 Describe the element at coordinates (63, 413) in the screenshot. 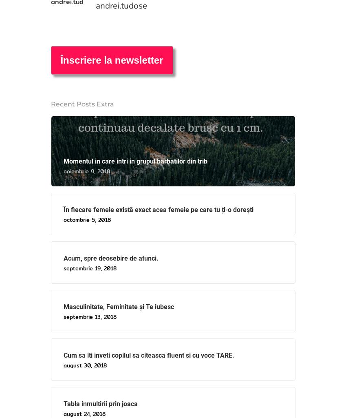

I see `'august 24, 2018'` at that location.